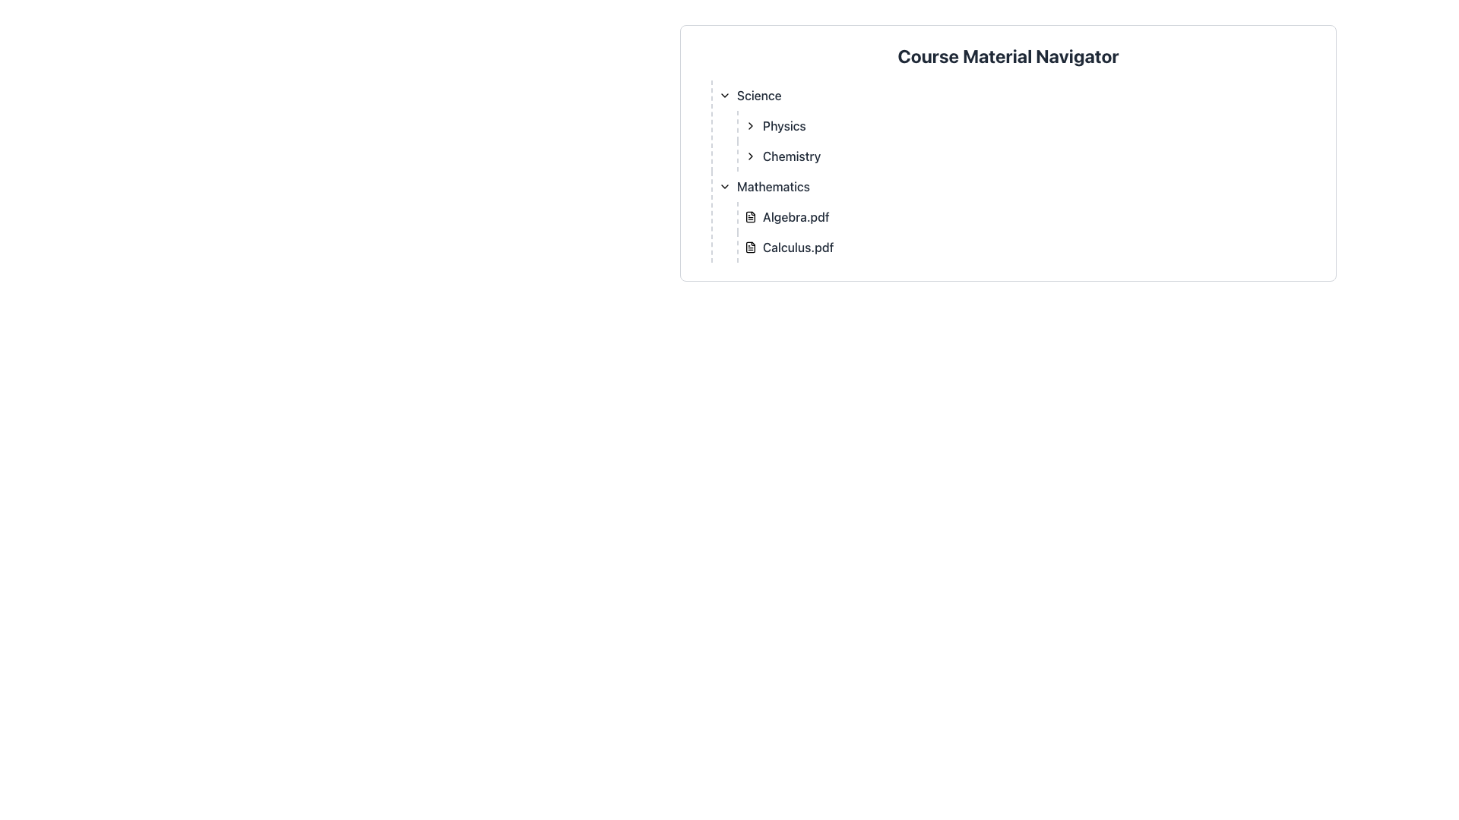 This screenshot has height=820, width=1459. I want to click on the document icon next to the 'Algebra.pdf' label in the 'Mathematics' section of the 'Course Material Navigator', so click(751, 216).